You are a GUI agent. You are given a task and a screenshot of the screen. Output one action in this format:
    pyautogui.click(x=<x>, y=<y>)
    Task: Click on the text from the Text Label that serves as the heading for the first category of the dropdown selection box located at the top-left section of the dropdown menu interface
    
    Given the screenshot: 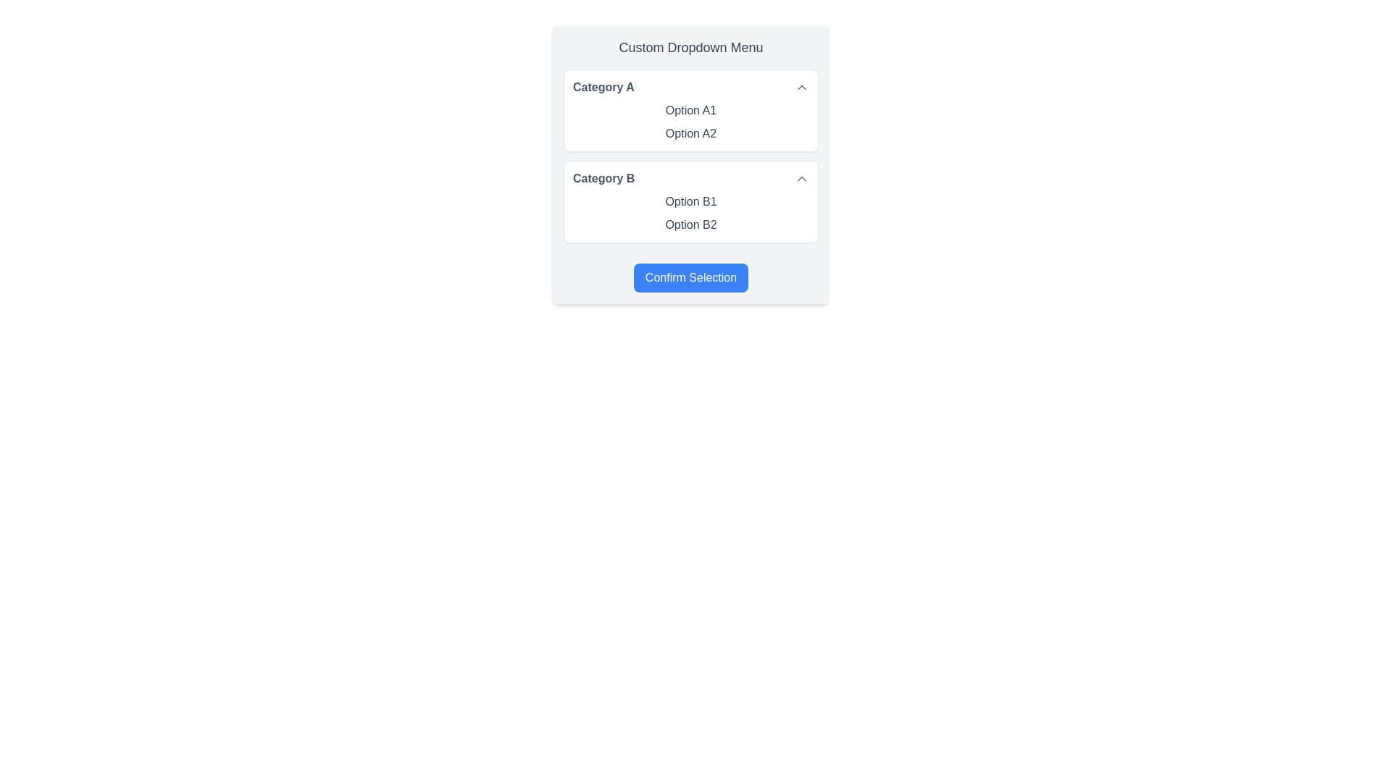 What is the action you would take?
    pyautogui.click(x=603, y=87)
    